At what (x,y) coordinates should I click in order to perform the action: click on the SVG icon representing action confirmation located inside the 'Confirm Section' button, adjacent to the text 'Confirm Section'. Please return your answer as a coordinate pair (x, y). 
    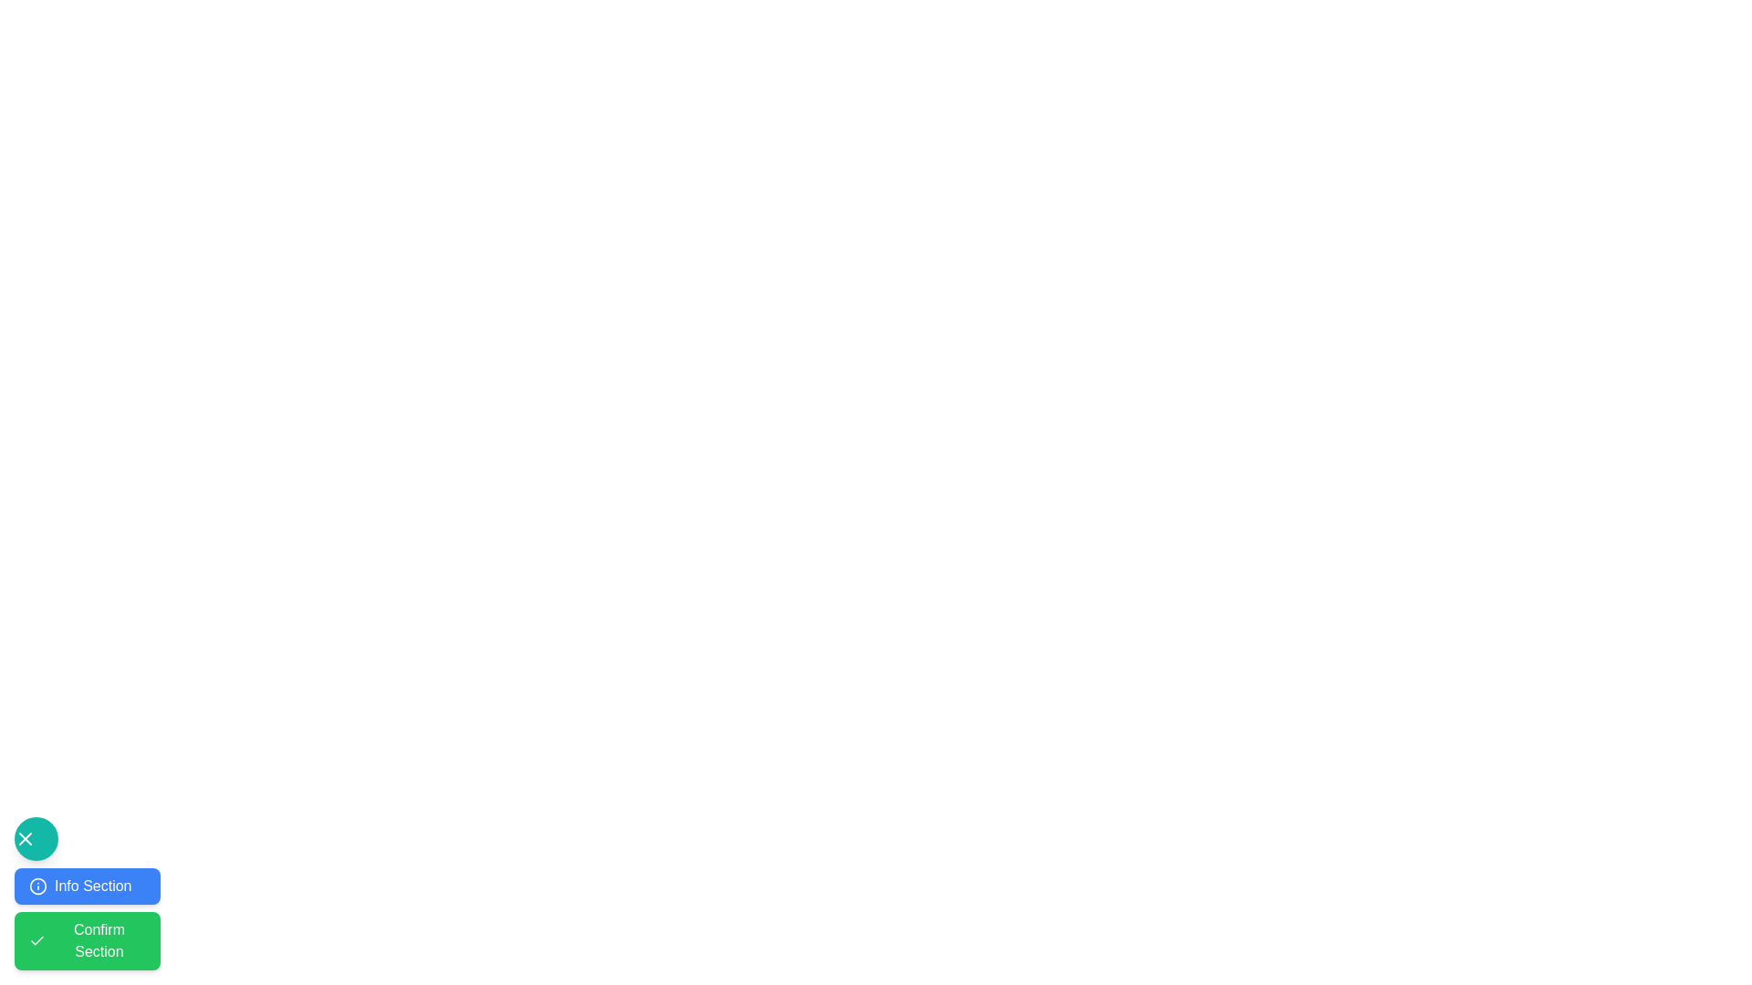
    Looking at the image, I should click on (36, 941).